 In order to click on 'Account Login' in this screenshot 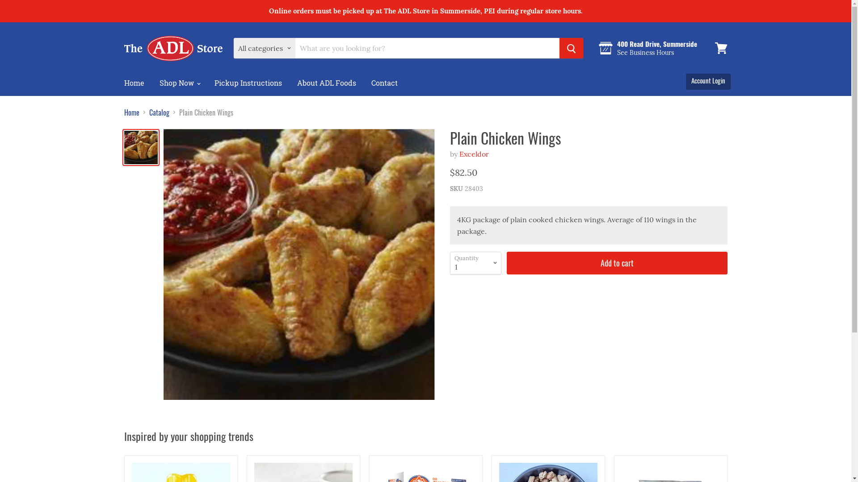, I will do `click(707, 80)`.